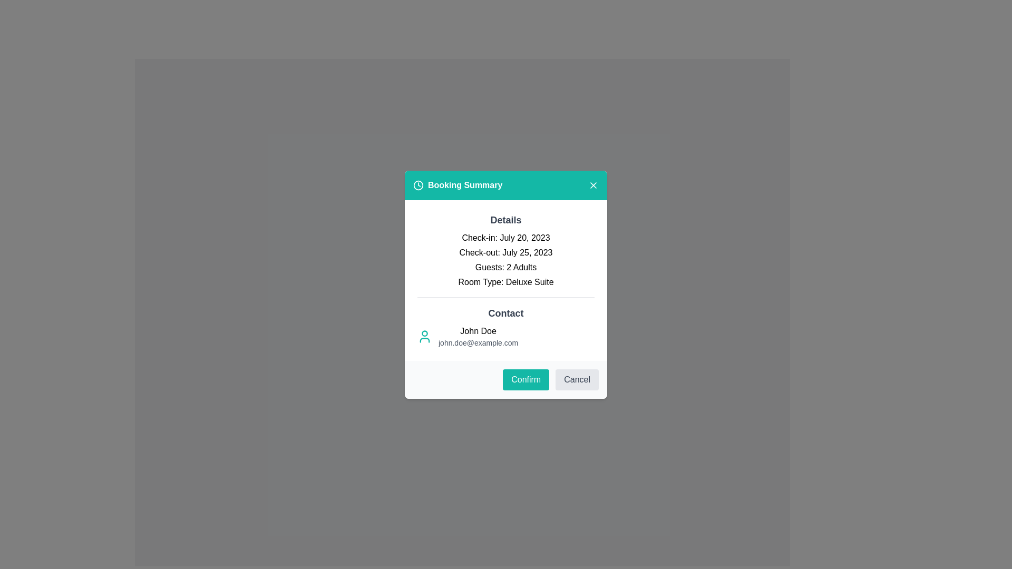  What do you see at coordinates (425, 333) in the screenshot?
I see `the Decorative icon or avatar component located in the contact section of the dialog, which visually represents a person associated with the contact information` at bounding box center [425, 333].